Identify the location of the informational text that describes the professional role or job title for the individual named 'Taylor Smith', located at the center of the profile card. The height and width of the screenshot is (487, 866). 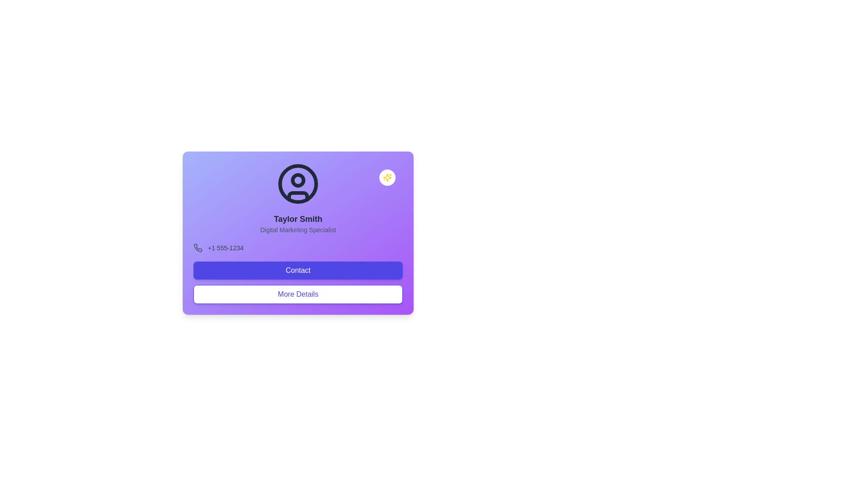
(298, 229).